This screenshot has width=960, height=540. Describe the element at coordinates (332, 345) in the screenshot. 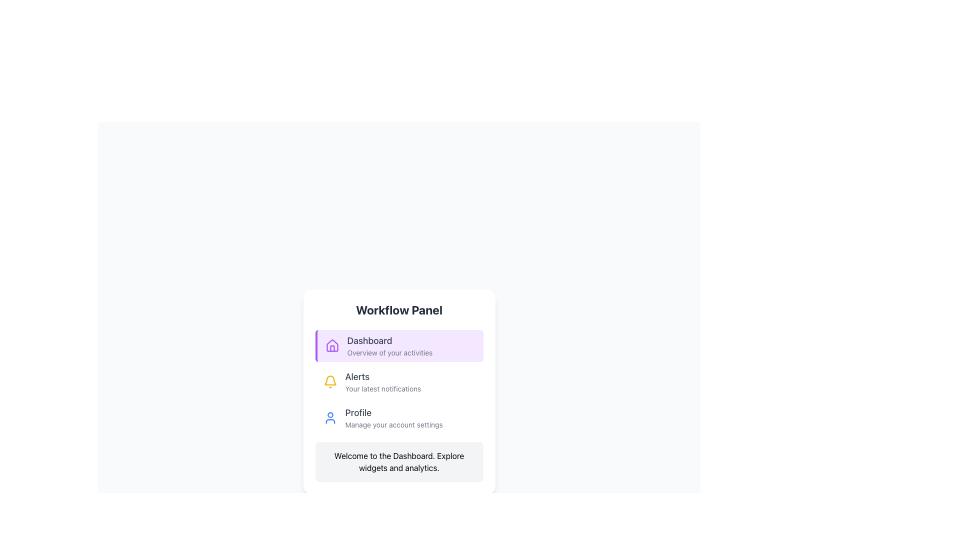

I see `the purple house icon in the navigation menu representing the 'Dashboard' section within the 'Workflow Panel'` at that location.